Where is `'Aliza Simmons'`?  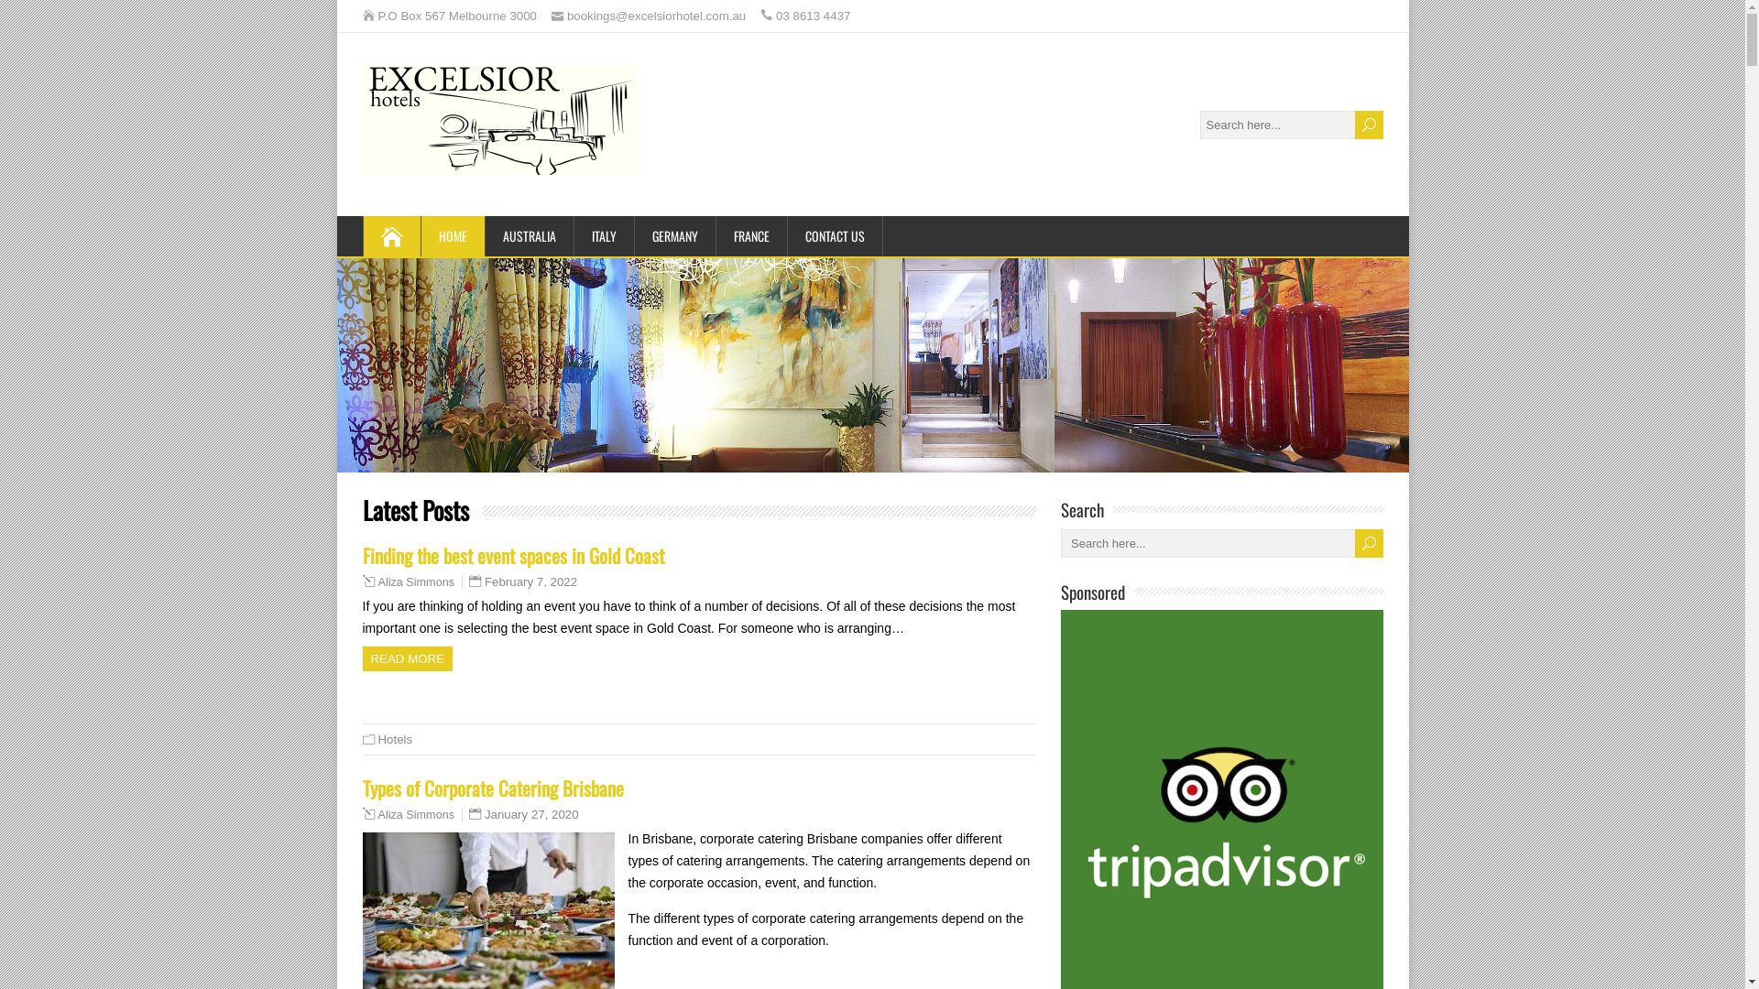
'Aliza Simmons' is located at coordinates (415, 814).